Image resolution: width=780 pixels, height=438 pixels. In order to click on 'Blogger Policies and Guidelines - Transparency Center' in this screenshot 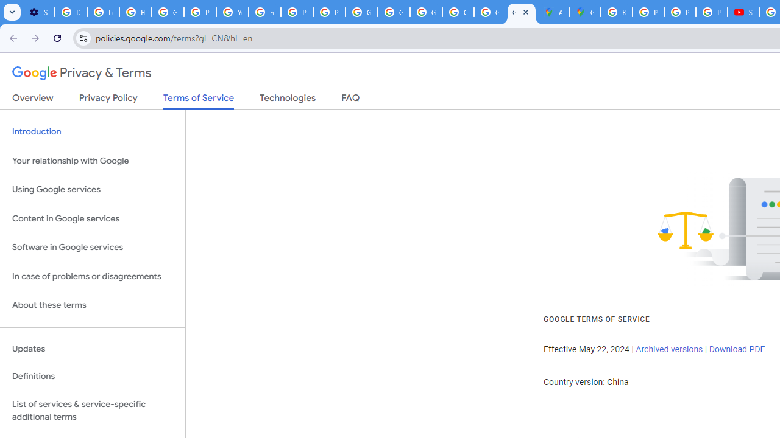, I will do `click(616, 12)`.